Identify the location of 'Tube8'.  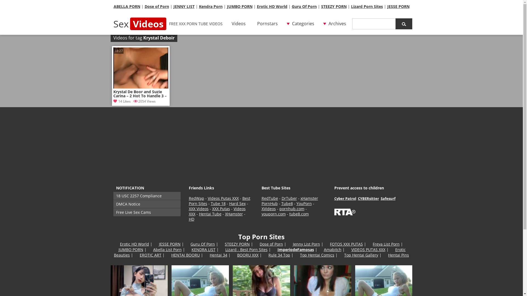
(287, 203).